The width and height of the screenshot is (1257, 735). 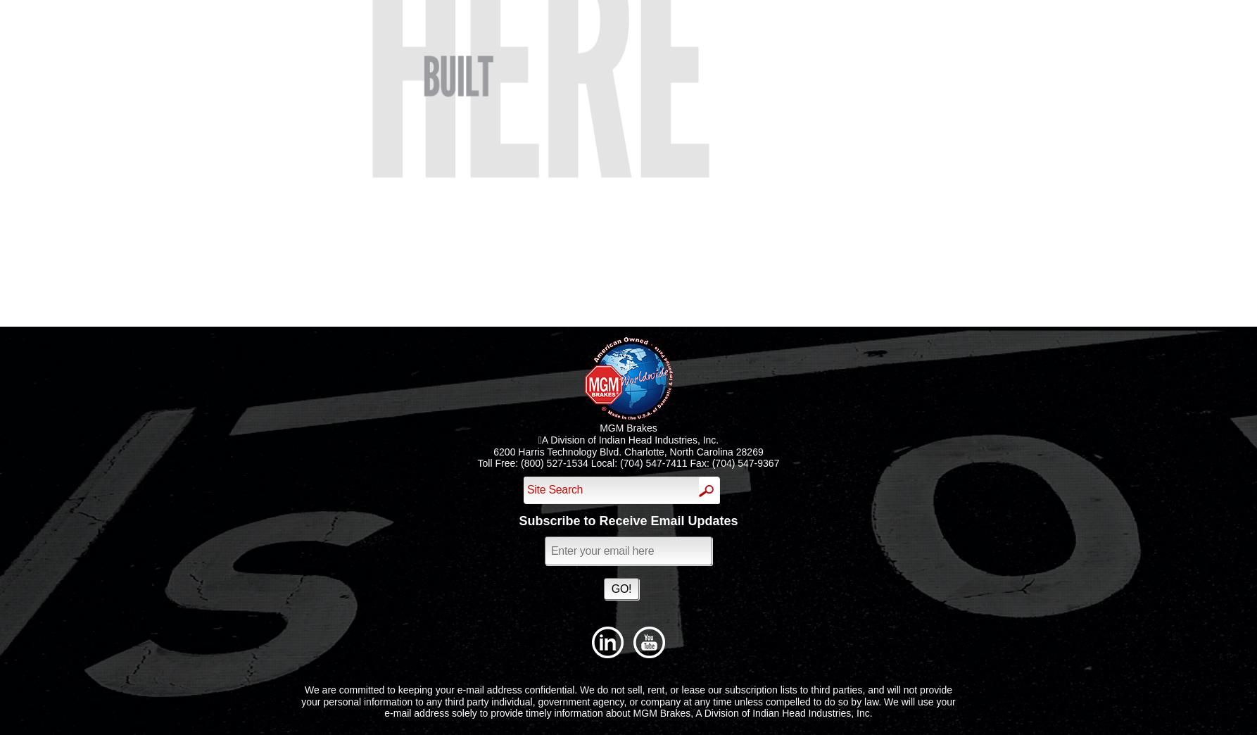 I want to click on 'Toll Free:', so click(x=499, y=463).